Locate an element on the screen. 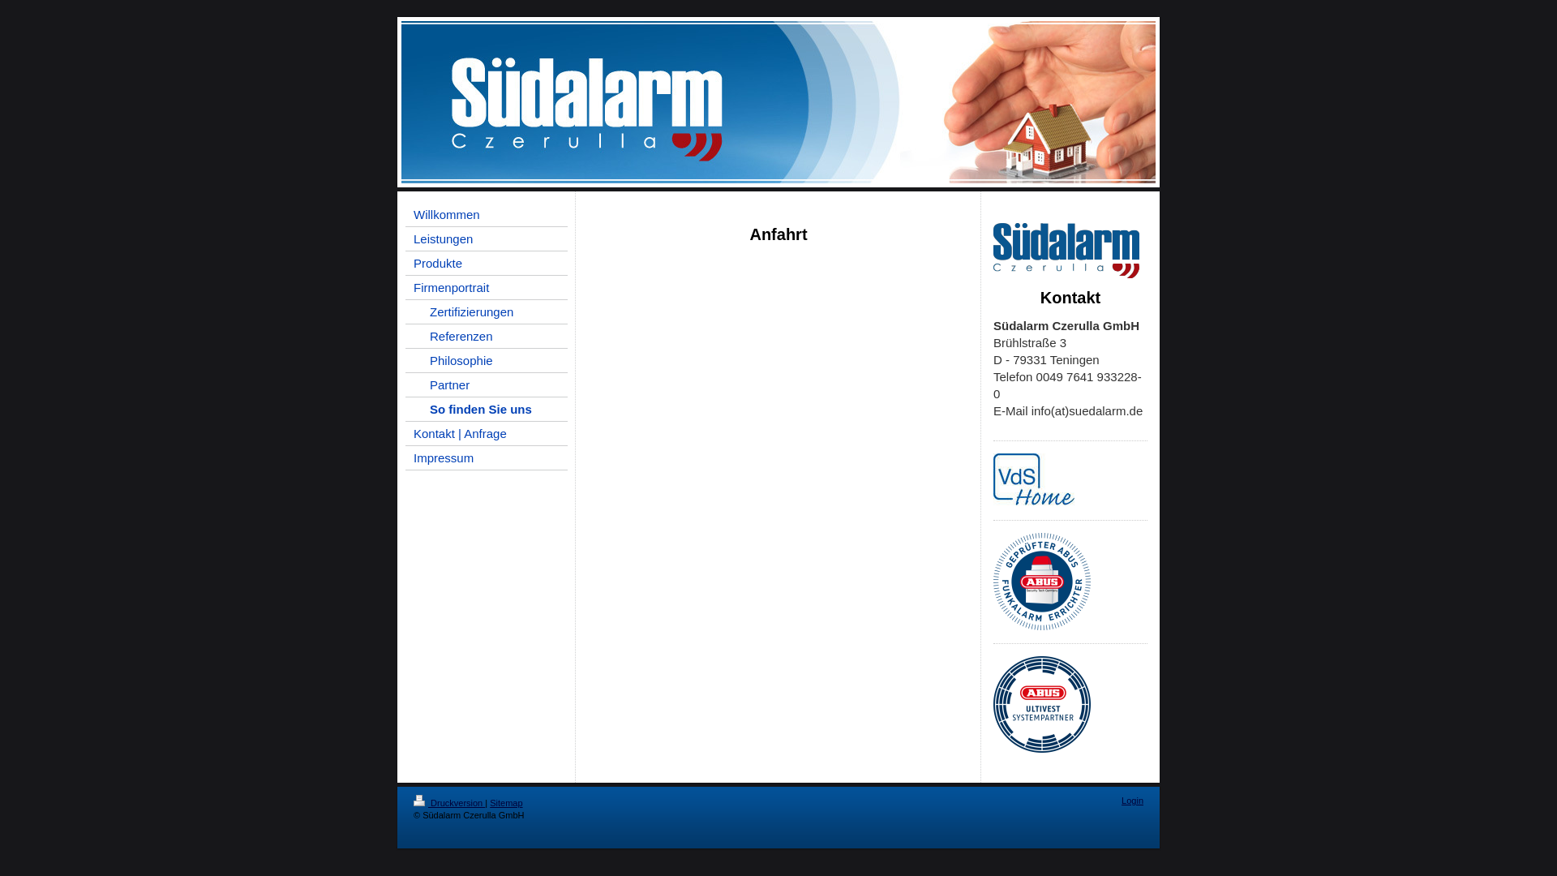 The height and width of the screenshot is (876, 1557). 'So finden Sie uns' is located at coordinates (486, 409).